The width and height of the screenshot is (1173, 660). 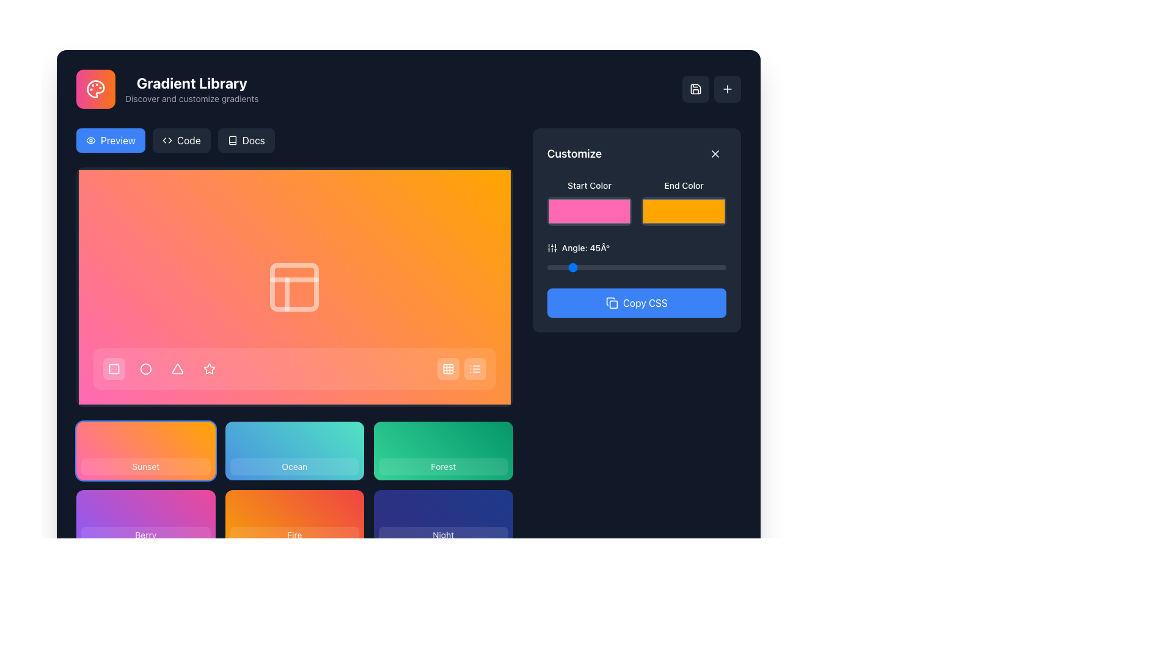 I want to click on and drop the Color input box located under the 'End Color' label in the 'Customize' modal, so click(x=683, y=211).